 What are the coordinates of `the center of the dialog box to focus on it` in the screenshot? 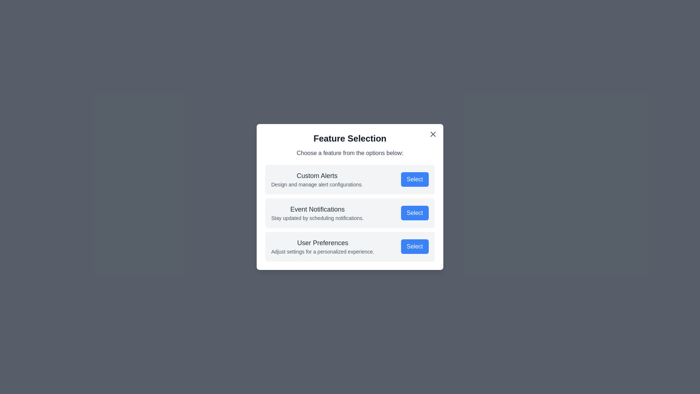 It's located at (350, 197).